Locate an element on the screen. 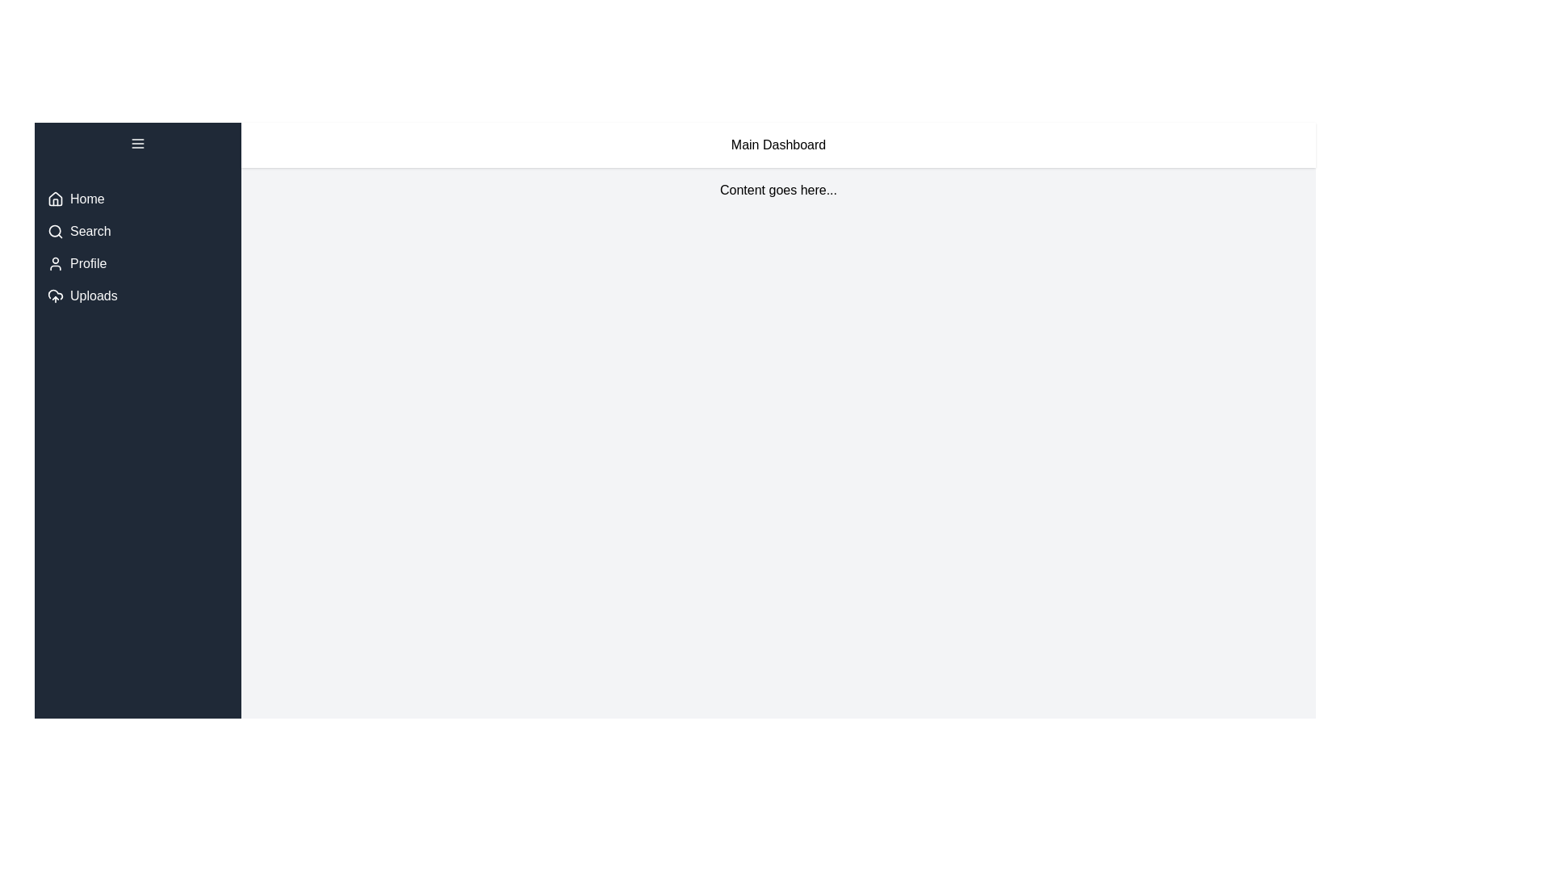  the 'Home' text label located at the top of the left-hand navigation bar is located at coordinates (86, 198).